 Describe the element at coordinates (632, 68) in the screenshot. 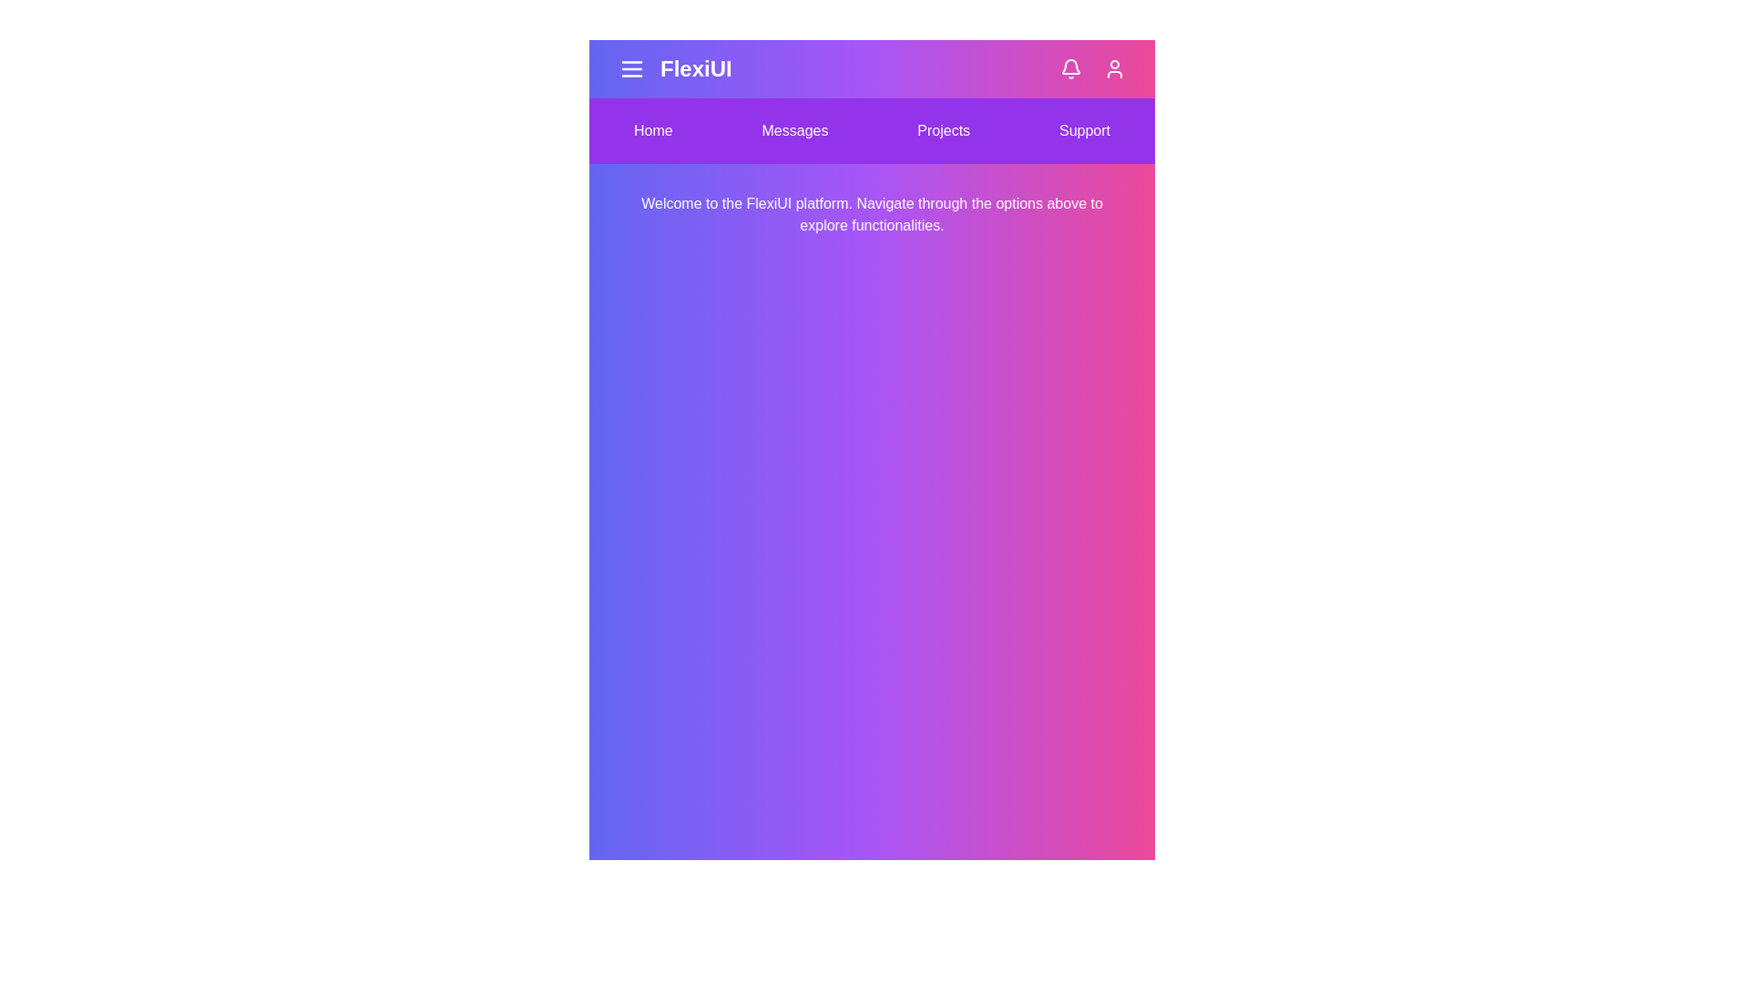

I see `the menu icon to toggle the navigation menu` at that location.